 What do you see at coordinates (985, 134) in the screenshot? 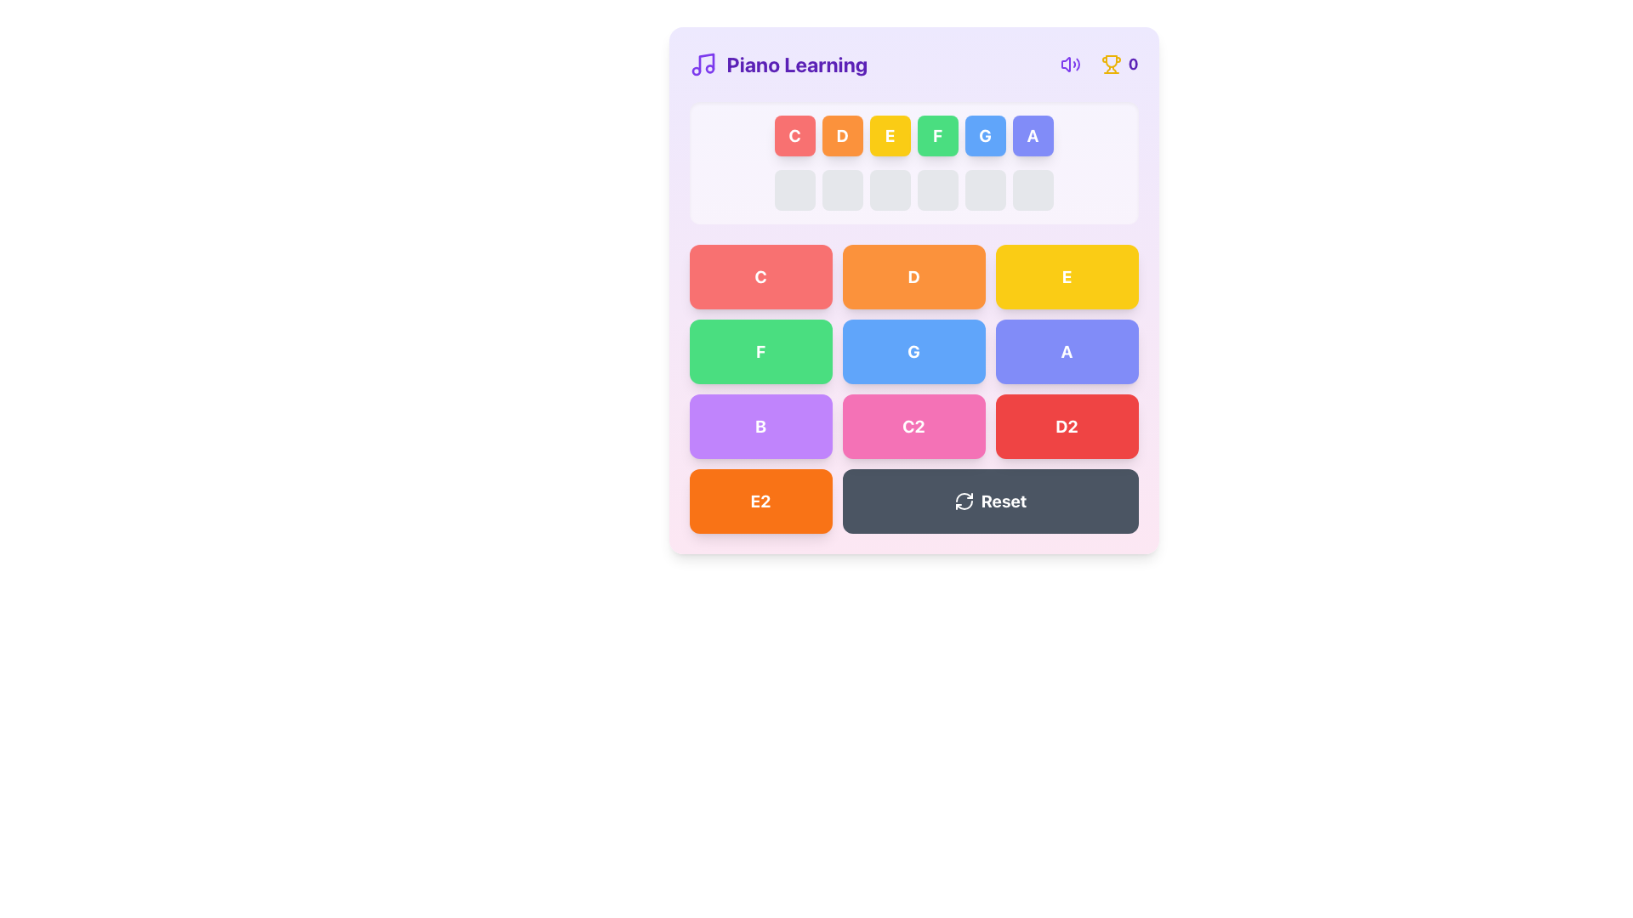
I see `the blue button with a bold white 'G' that is located between the green 'F' button and the purple 'A' button at the top of the interface` at bounding box center [985, 134].